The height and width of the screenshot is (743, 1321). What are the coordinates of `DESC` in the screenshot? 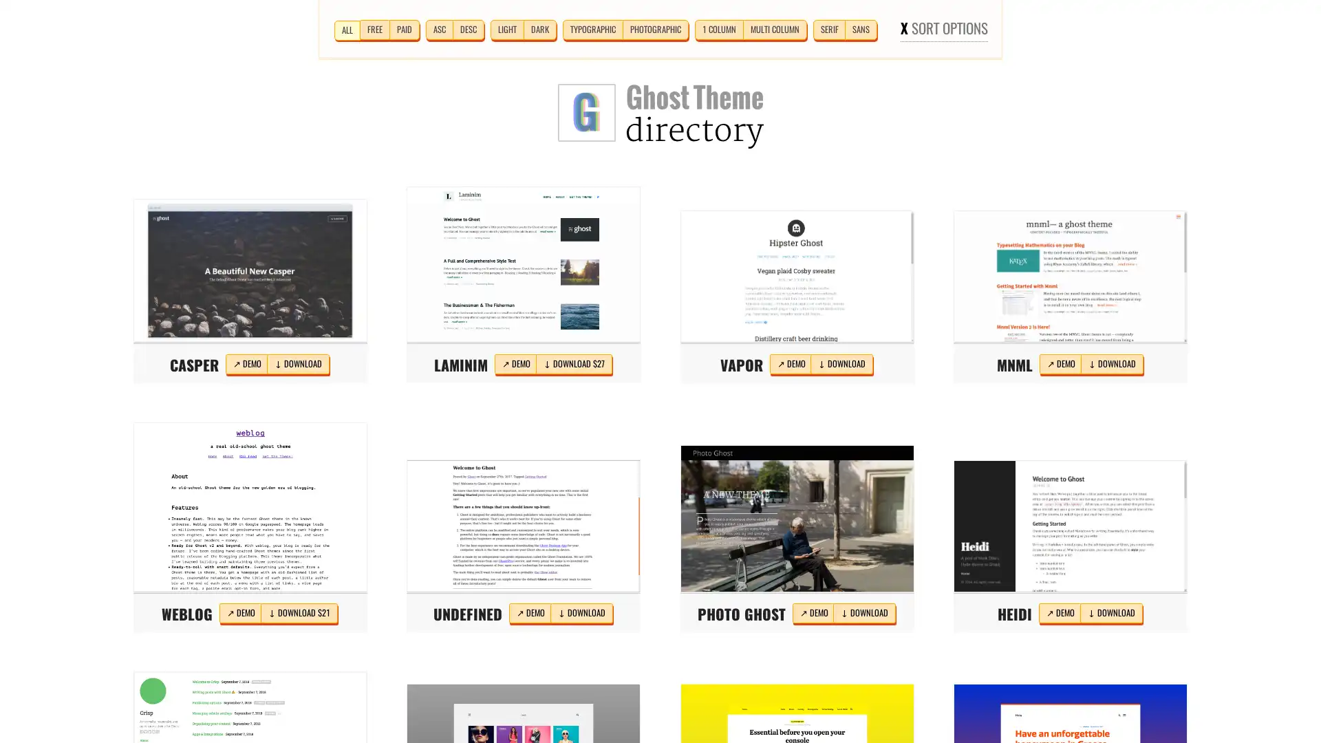 It's located at (468, 29).